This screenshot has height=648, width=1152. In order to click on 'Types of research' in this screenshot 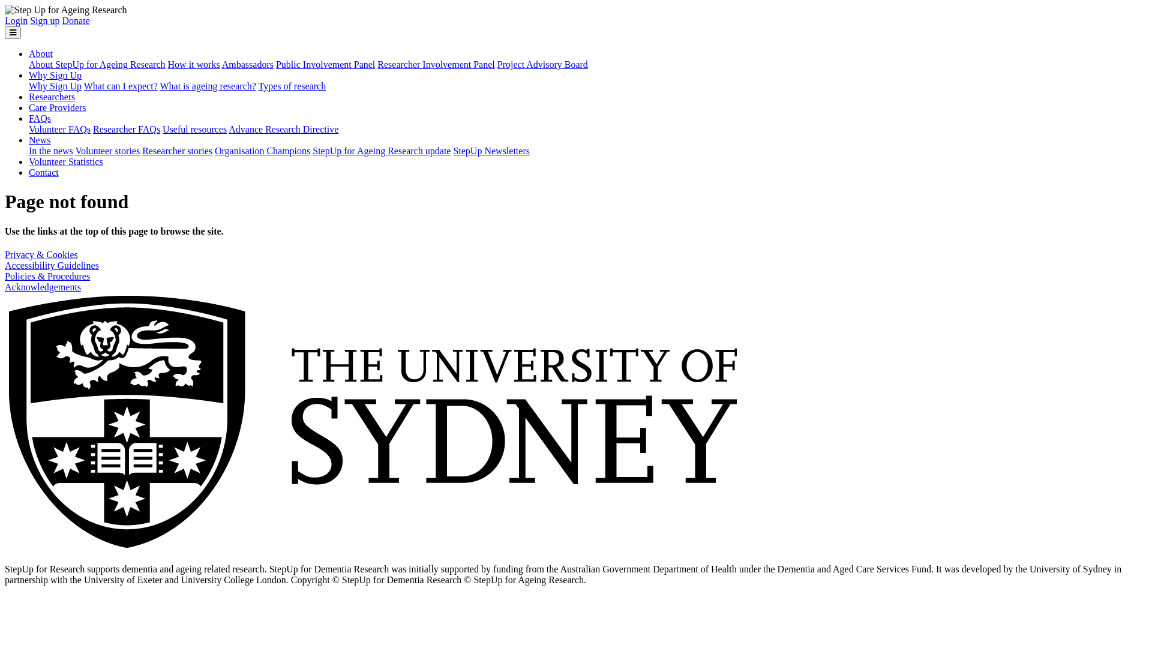, I will do `click(258, 85)`.